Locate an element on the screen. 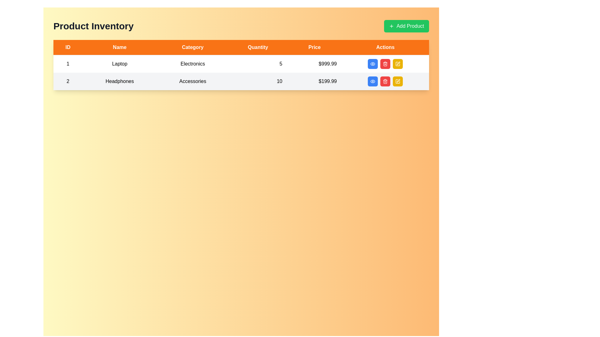 The image size is (600, 337). the icon for observing or viewing details in the second row of the 'Actions' column in the table is located at coordinates (373, 64).